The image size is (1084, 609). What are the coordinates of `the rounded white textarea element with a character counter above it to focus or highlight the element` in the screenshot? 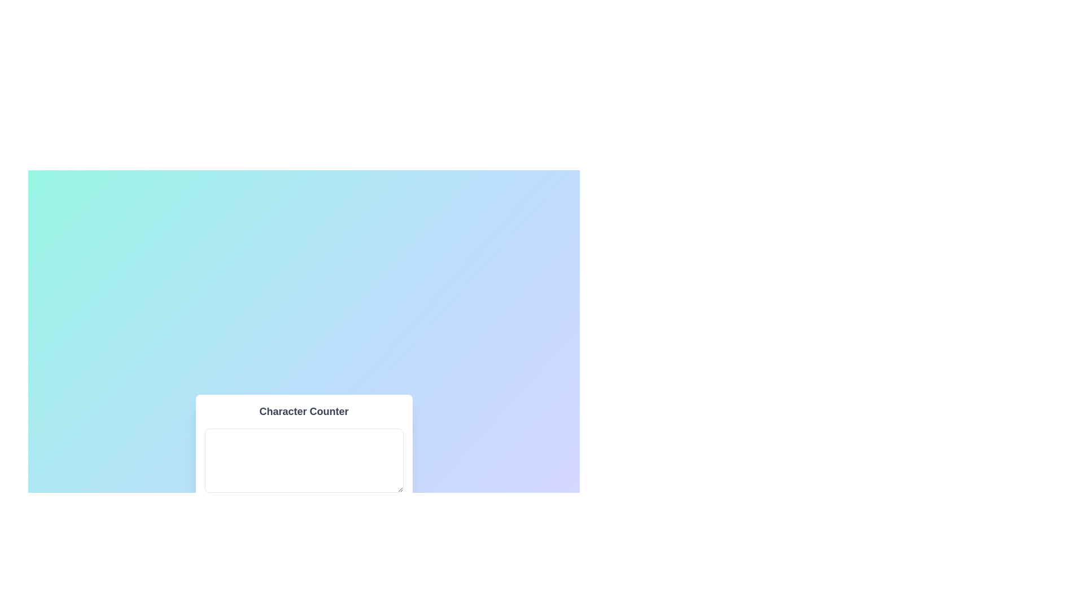 It's located at (304, 474).